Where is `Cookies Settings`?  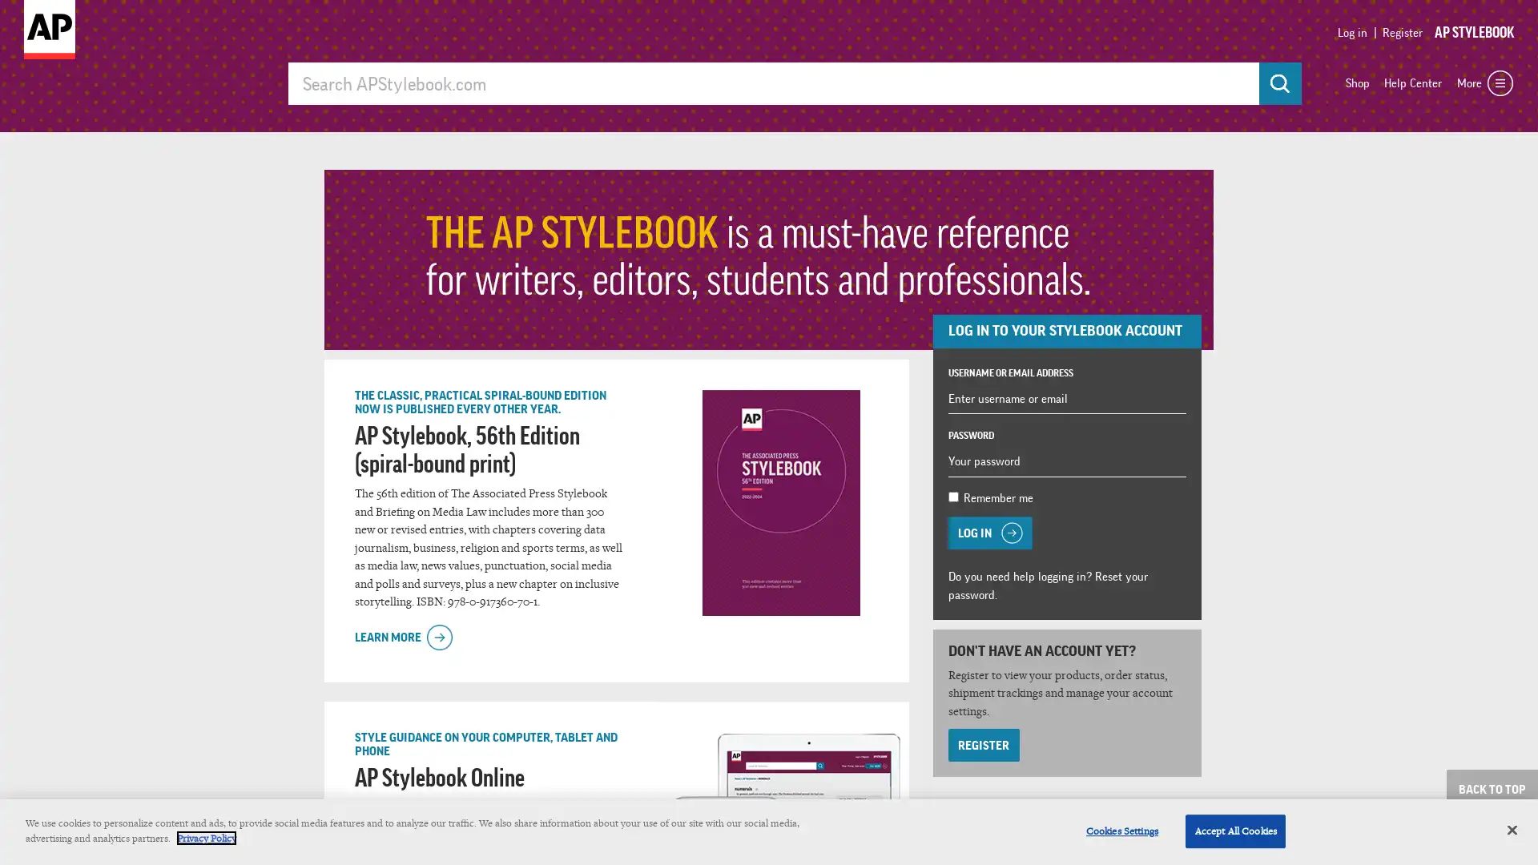 Cookies Settings is located at coordinates (1121, 830).